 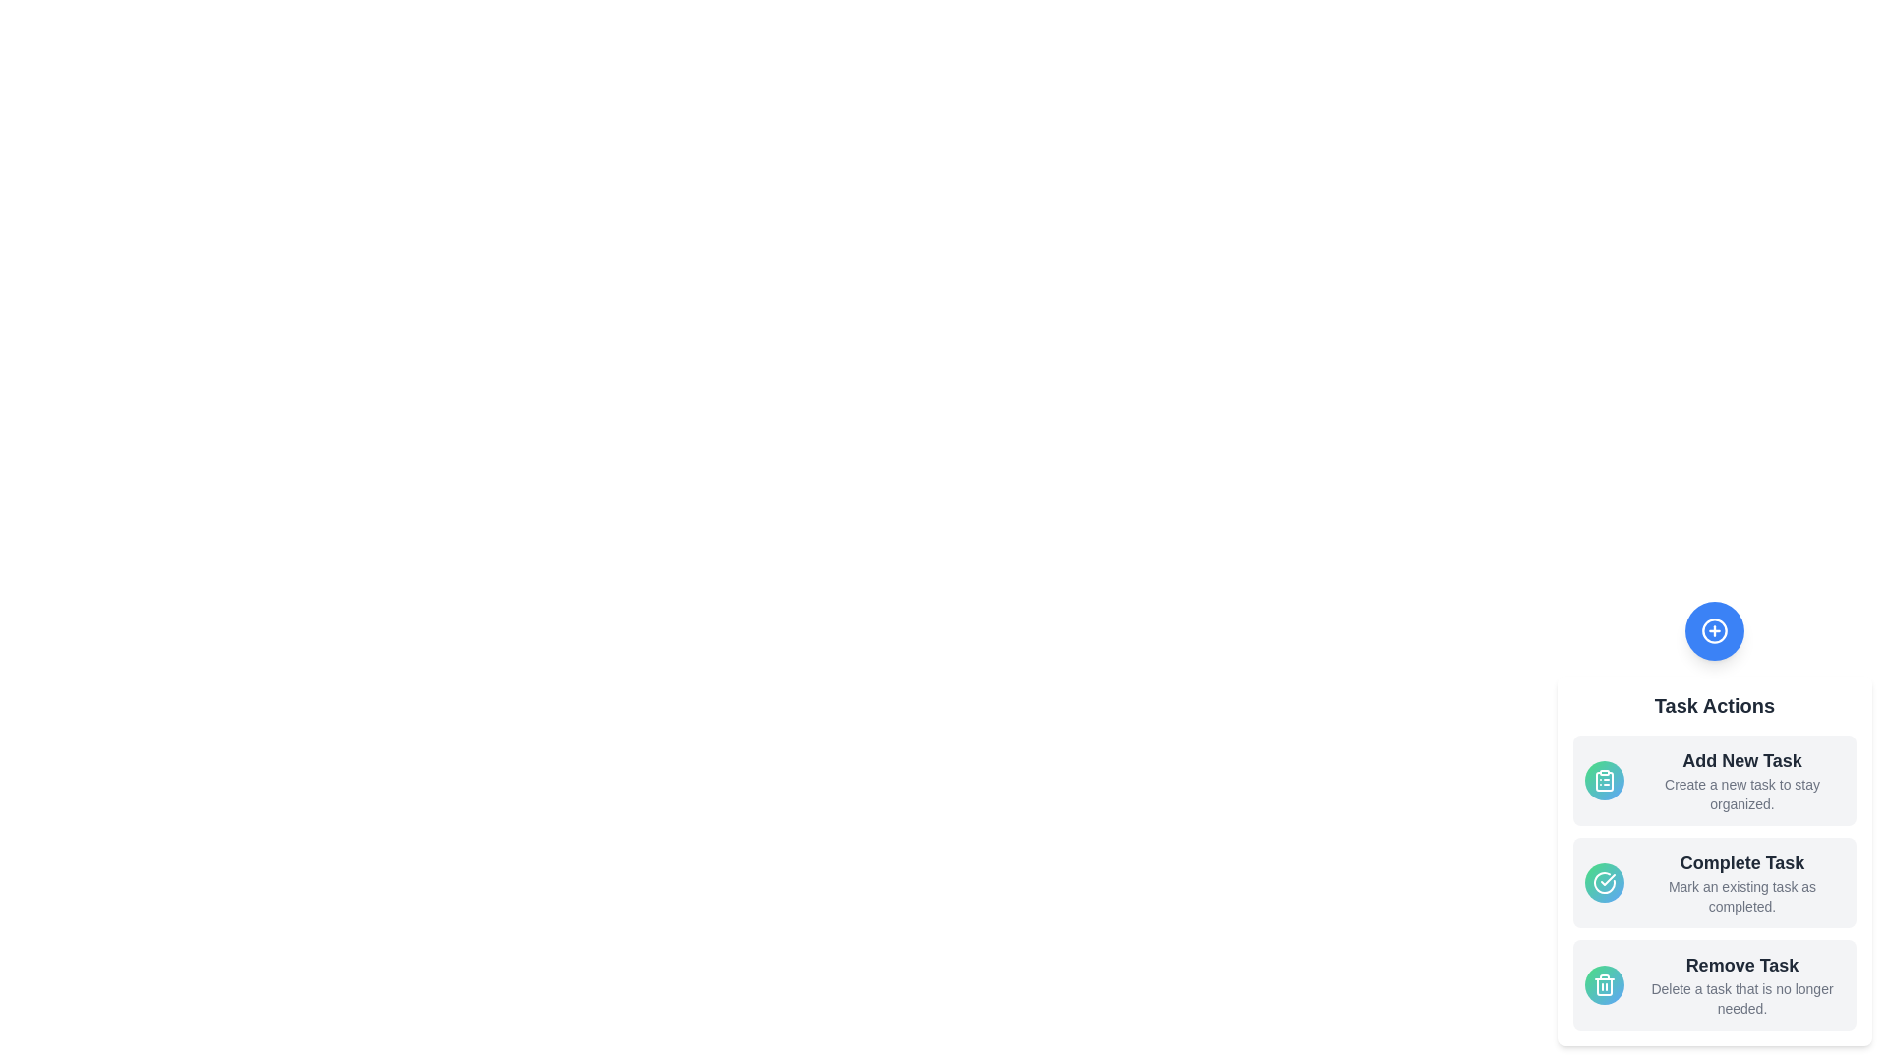 What do you see at coordinates (1713, 985) in the screenshot?
I see `the 'Remove Task' option to delete a task` at bounding box center [1713, 985].